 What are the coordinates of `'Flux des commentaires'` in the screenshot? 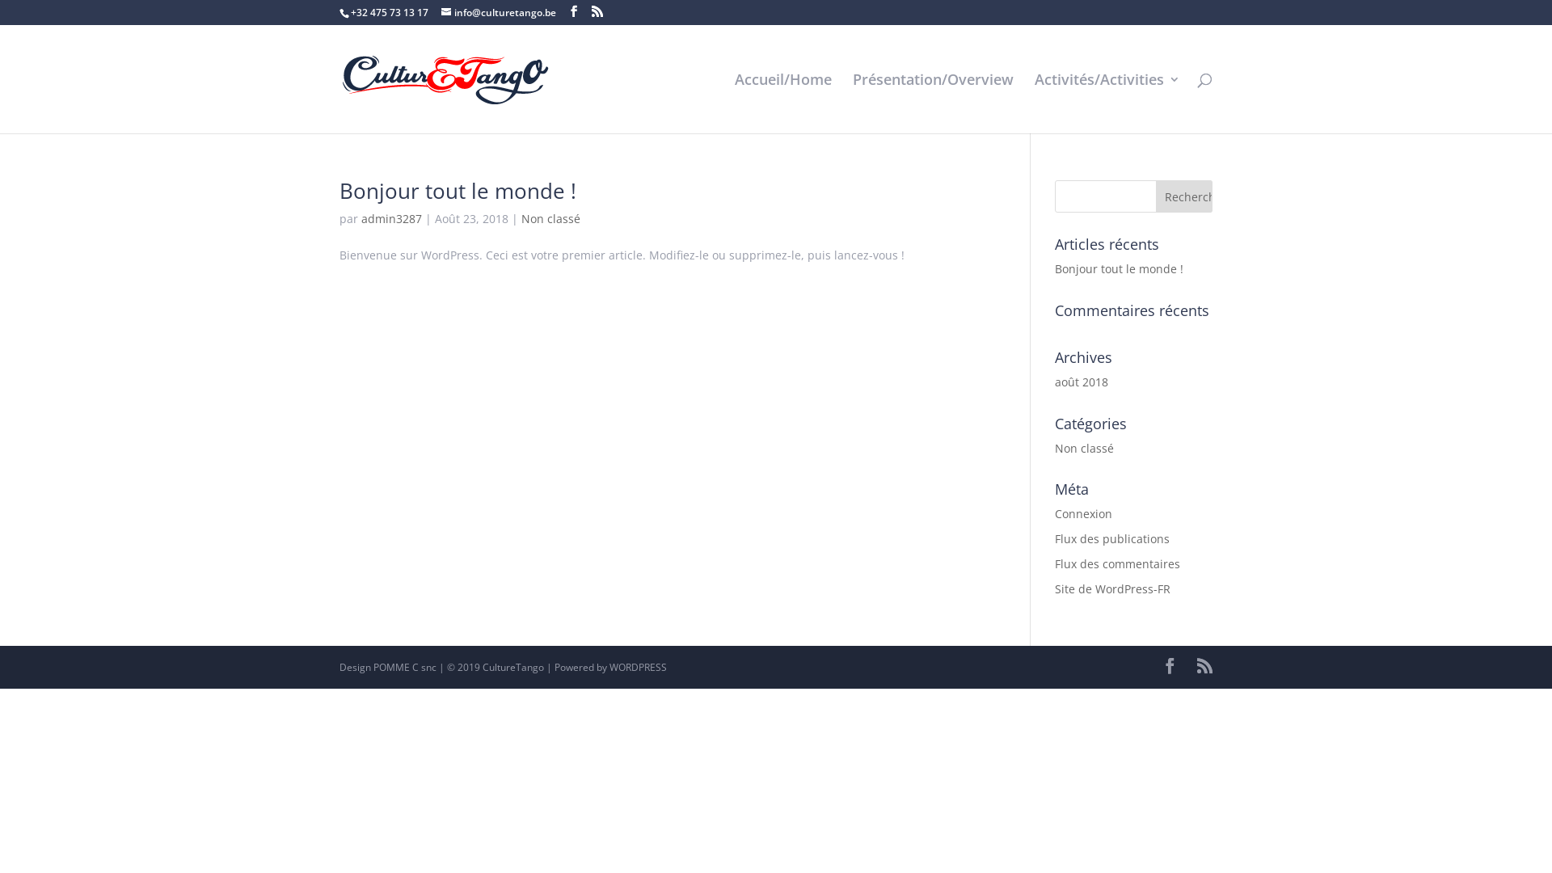 It's located at (1116, 563).